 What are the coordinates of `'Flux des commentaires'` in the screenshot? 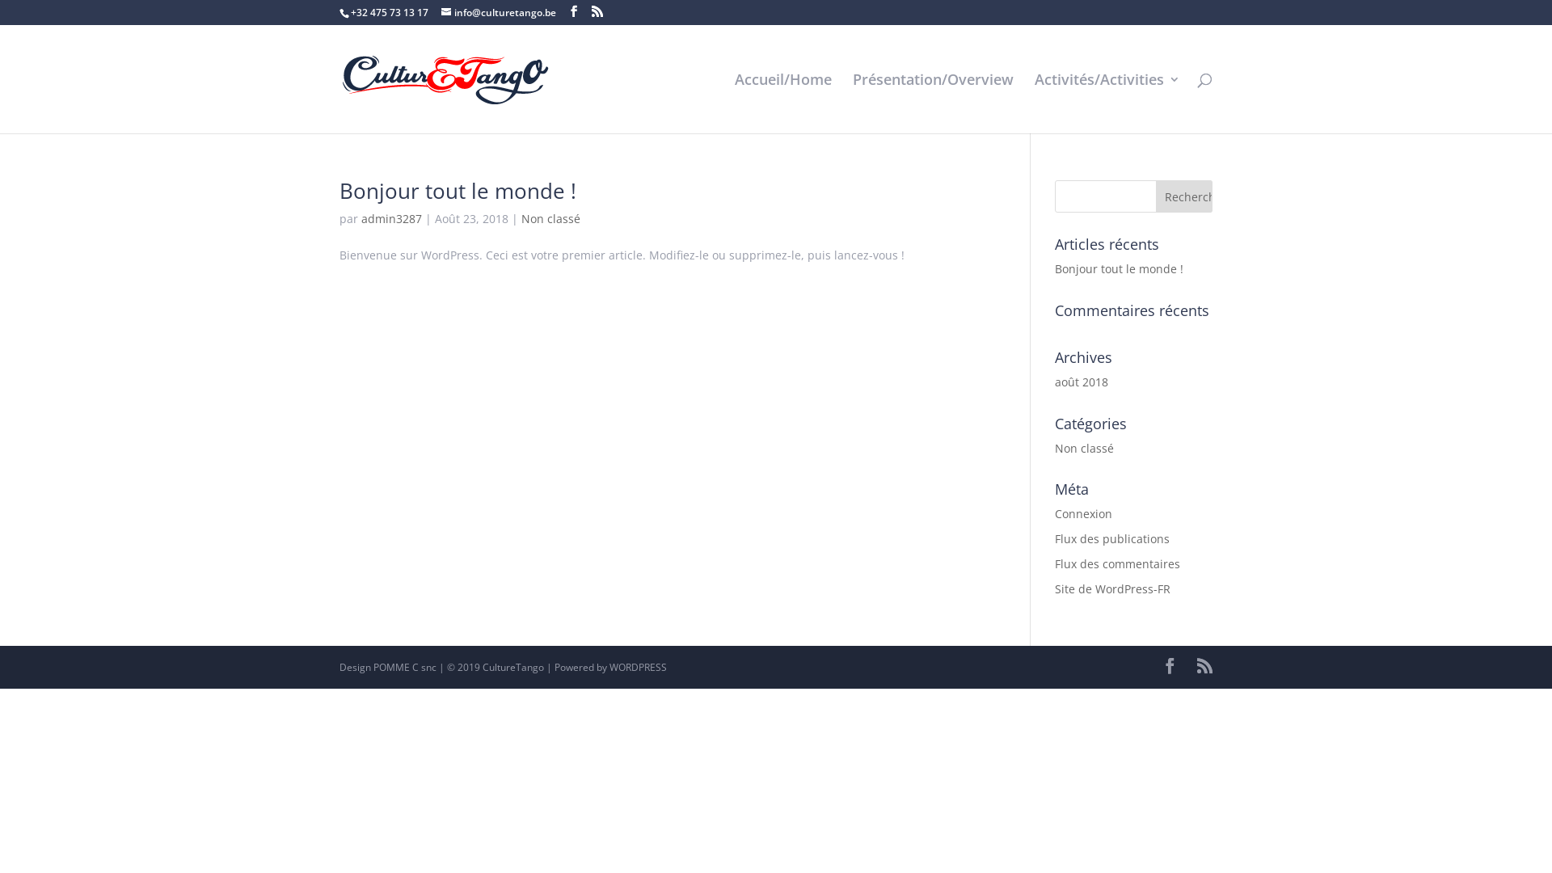 It's located at (1116, 563).